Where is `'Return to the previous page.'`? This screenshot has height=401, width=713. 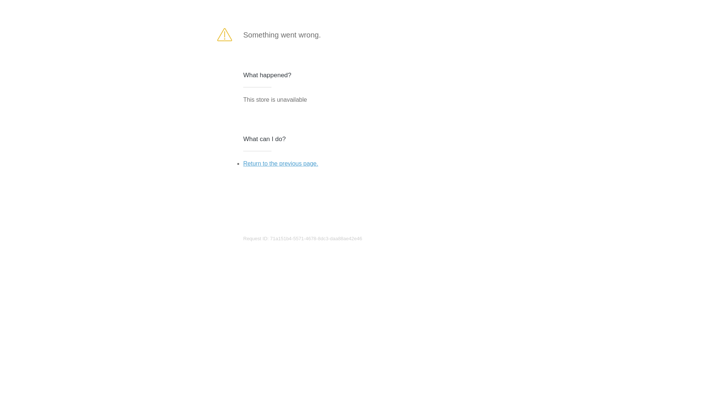 'Return to the previous page.' is located at coordinates (243, 163).